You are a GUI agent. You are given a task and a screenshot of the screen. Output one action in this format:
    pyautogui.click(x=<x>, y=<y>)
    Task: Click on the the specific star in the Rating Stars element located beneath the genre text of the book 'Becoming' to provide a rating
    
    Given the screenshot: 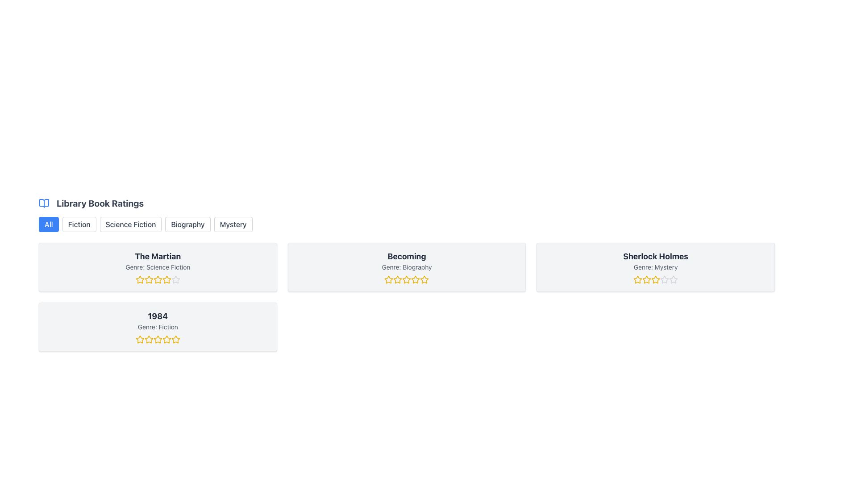 What is the action you would take?
    pyautogui.click(x=406, y=279)
    